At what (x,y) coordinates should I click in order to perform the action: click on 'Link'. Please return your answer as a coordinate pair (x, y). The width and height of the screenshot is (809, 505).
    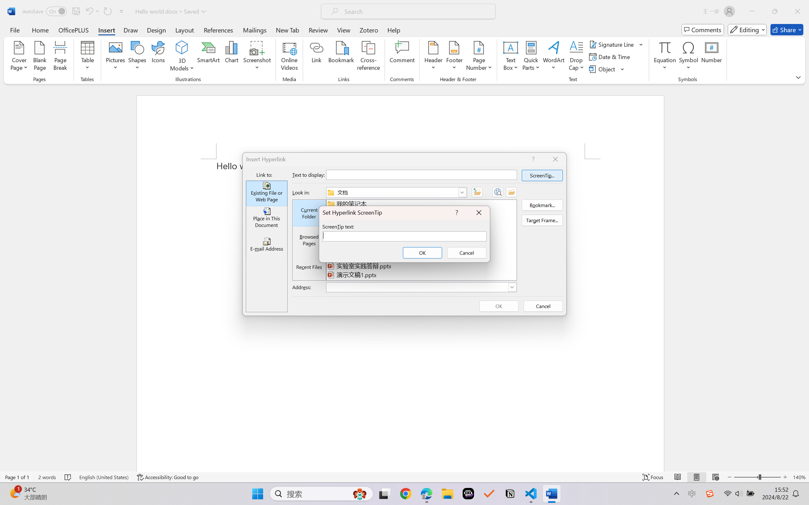
    Looking at the image, I should click on (316, 57).